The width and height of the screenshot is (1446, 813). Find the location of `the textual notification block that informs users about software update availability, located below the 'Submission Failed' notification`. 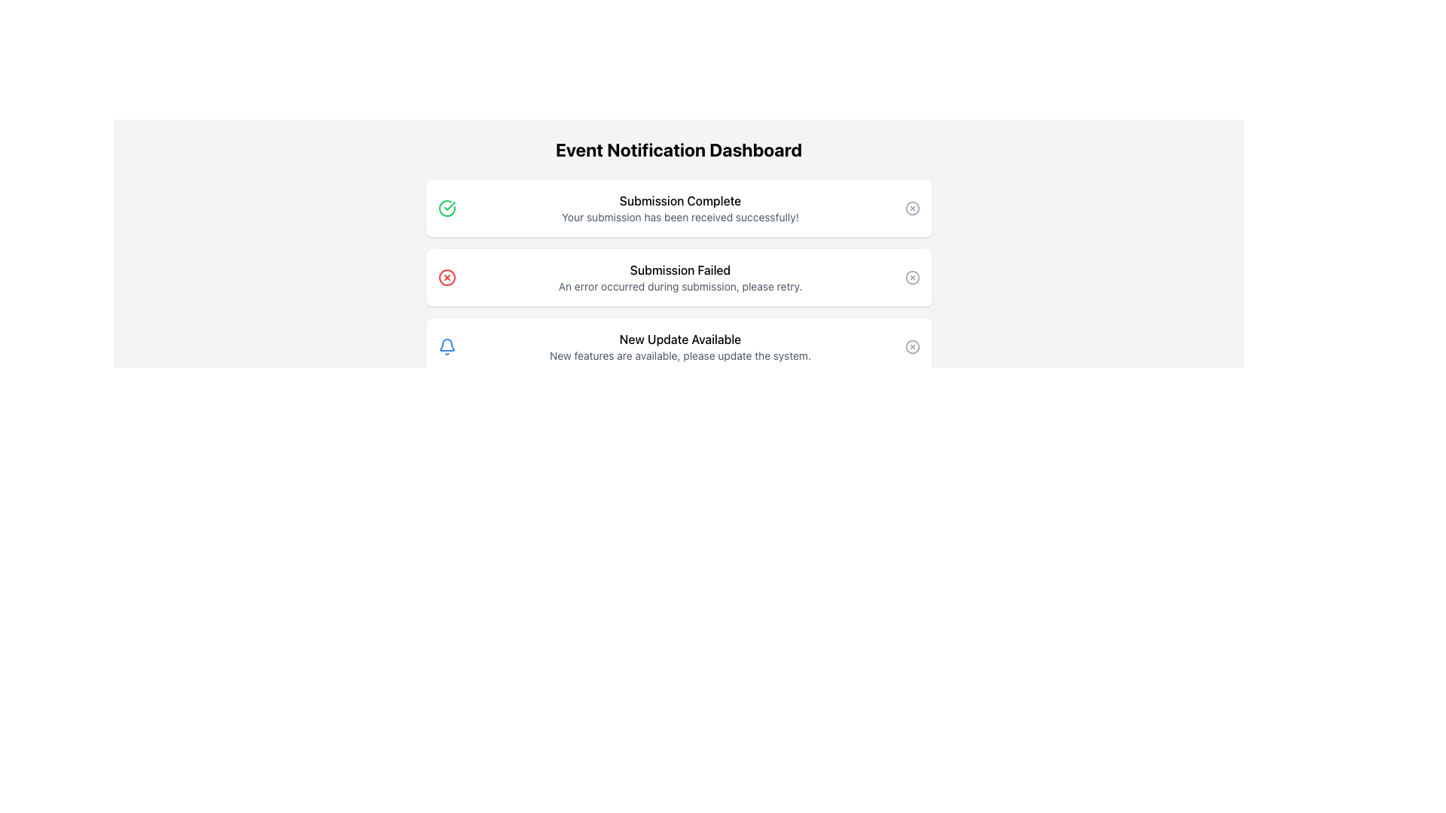

the textual notification block that informs users about software update availability, located below the 'Submission Failed' notification is located at coordinates (679, 347).